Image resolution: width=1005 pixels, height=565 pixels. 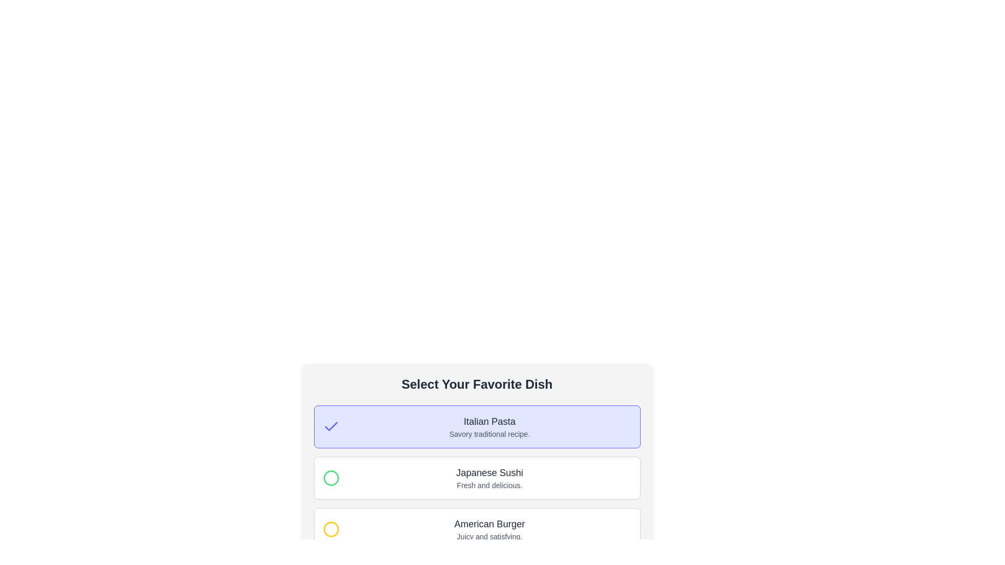 I want to click on the Option card labeled 'Japanese Sushi', which is the middle item in the list under 'Select Your Favorite Dish', so click(x=476, y=478).